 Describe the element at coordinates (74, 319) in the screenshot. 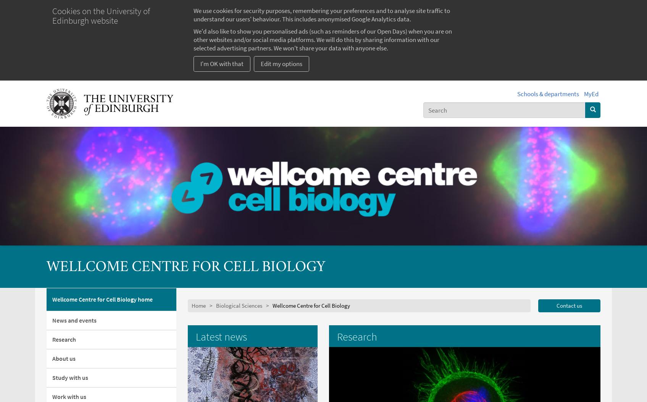

I see `'News and events'` at that location.